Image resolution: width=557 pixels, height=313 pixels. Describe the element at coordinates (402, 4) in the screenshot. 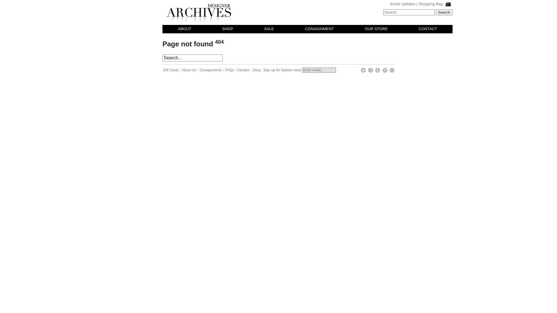

I see `'Email Updates'` at that location.